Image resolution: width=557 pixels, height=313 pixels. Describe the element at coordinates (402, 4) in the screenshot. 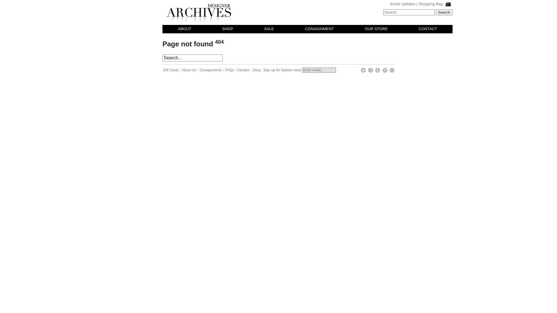

I see `'Email Updates'` at that location.